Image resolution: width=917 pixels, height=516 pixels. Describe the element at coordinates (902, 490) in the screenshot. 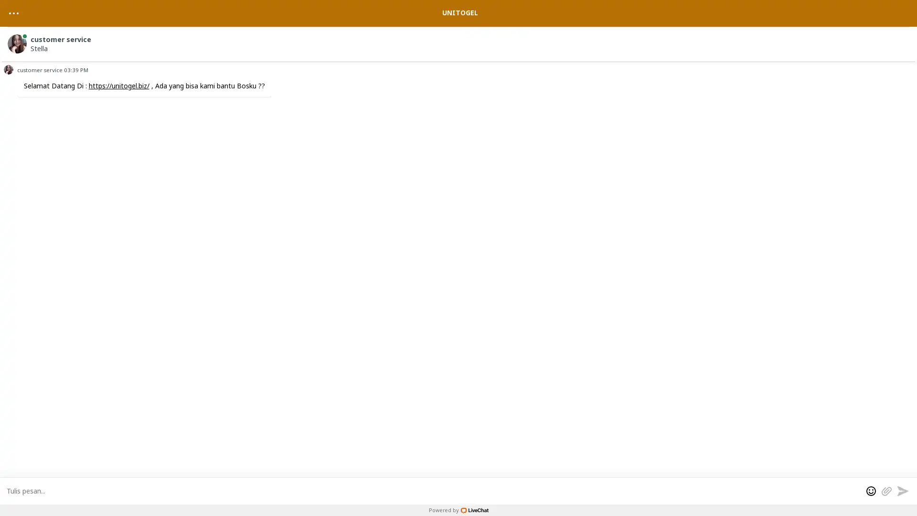

I see `Send a message` at that location.